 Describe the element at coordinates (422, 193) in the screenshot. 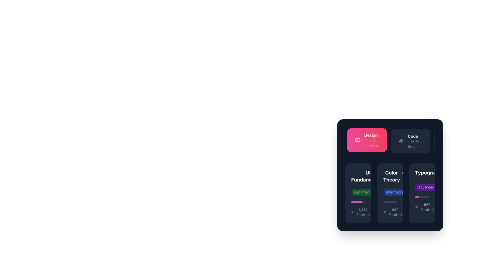

I see `the call-to-action button located in the bottom-right corner of the educational course cards` at that location.